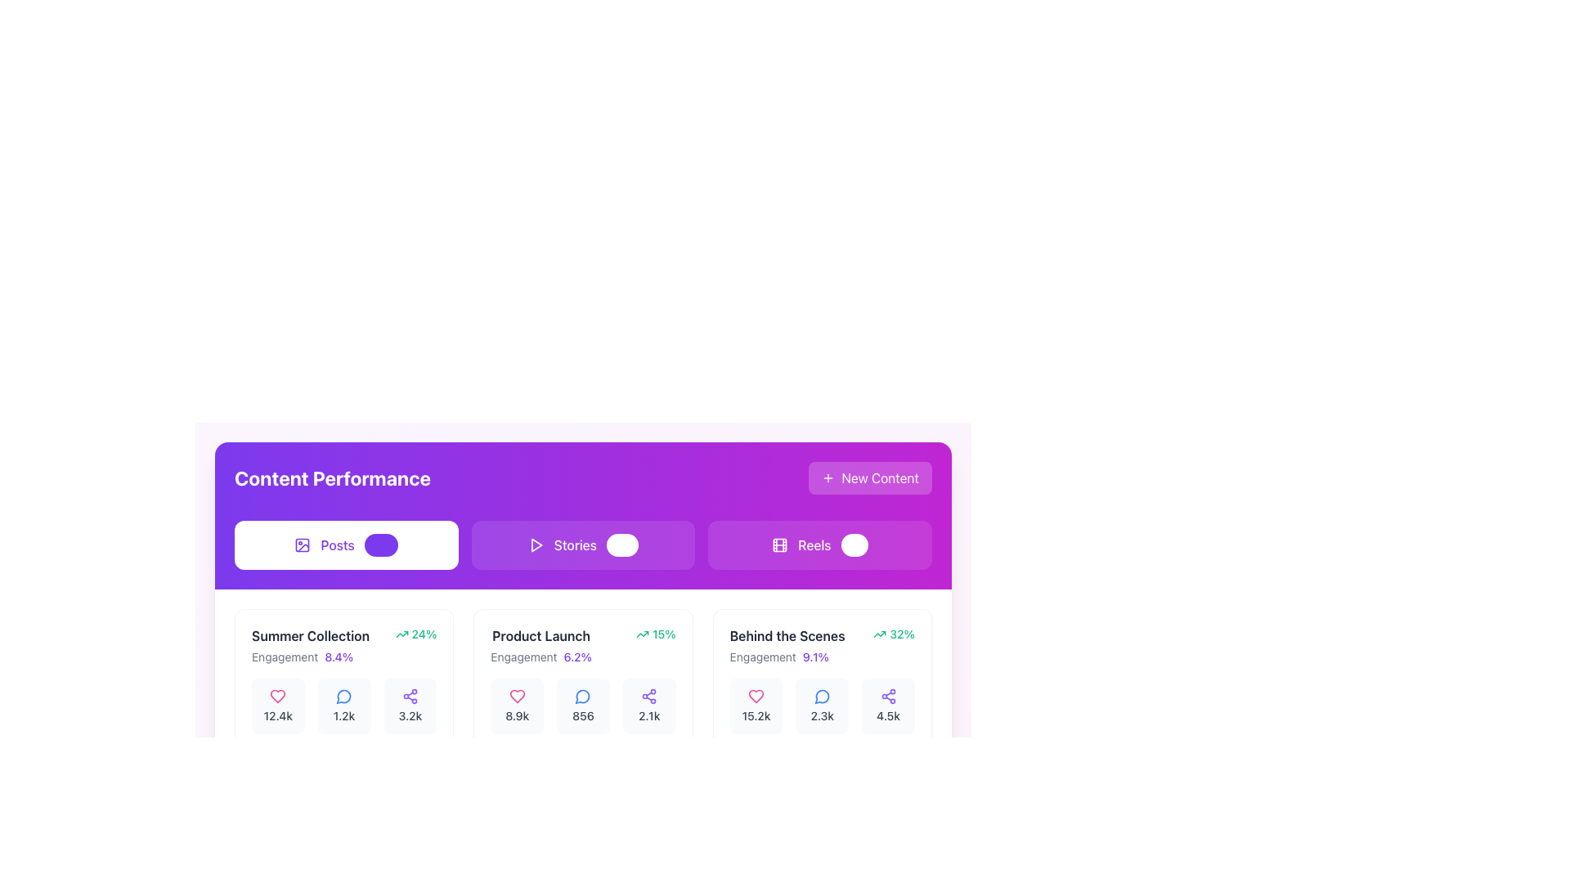 The width and height of the screenshot is (1570, 883). I want to click on the static text displaying the number of comments or interactions, located under the blue comment icon in the second column of data cards, so click(343, 715).